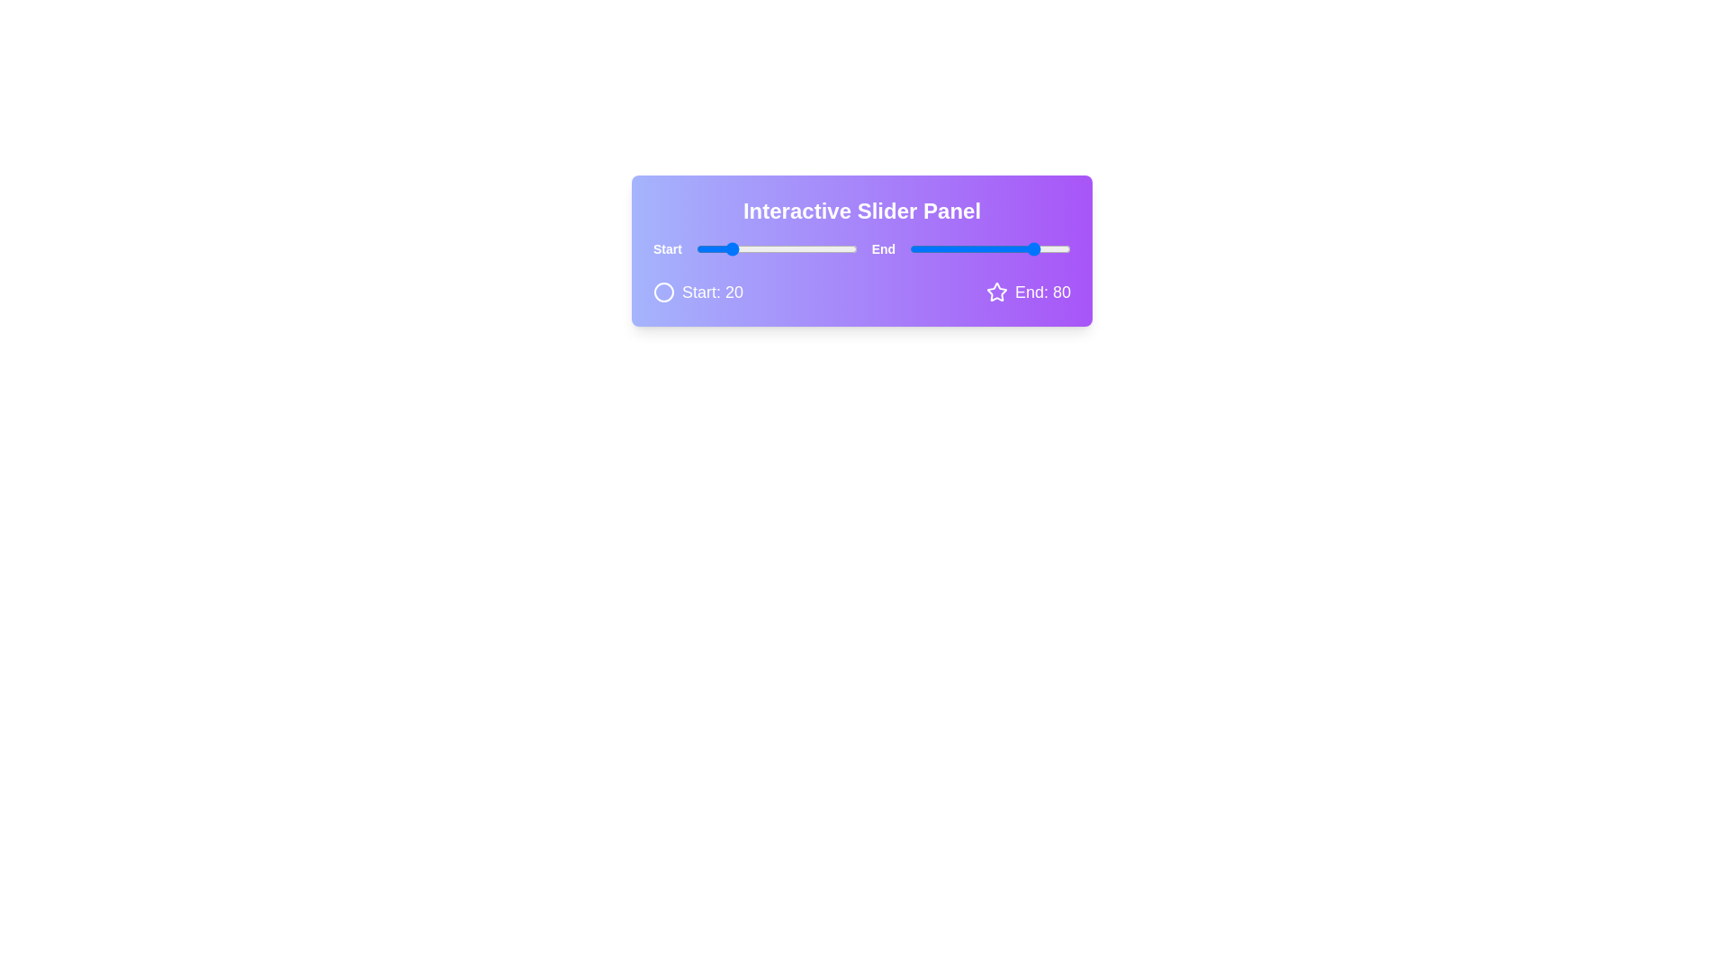  What do you see at coordinates (736, 249) in the screenshot?
I see `the start slider` at bounding box center [736, 249].